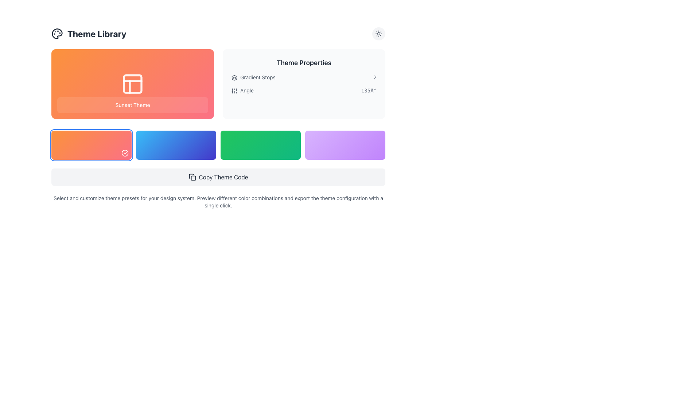 This screenshot has height=393, width=700. I want to click on the rectangular button with a gradient background transitioning from light violet to purple, located at the bottom right of the grid layout, to trigger its hover state, so click(345, 145).